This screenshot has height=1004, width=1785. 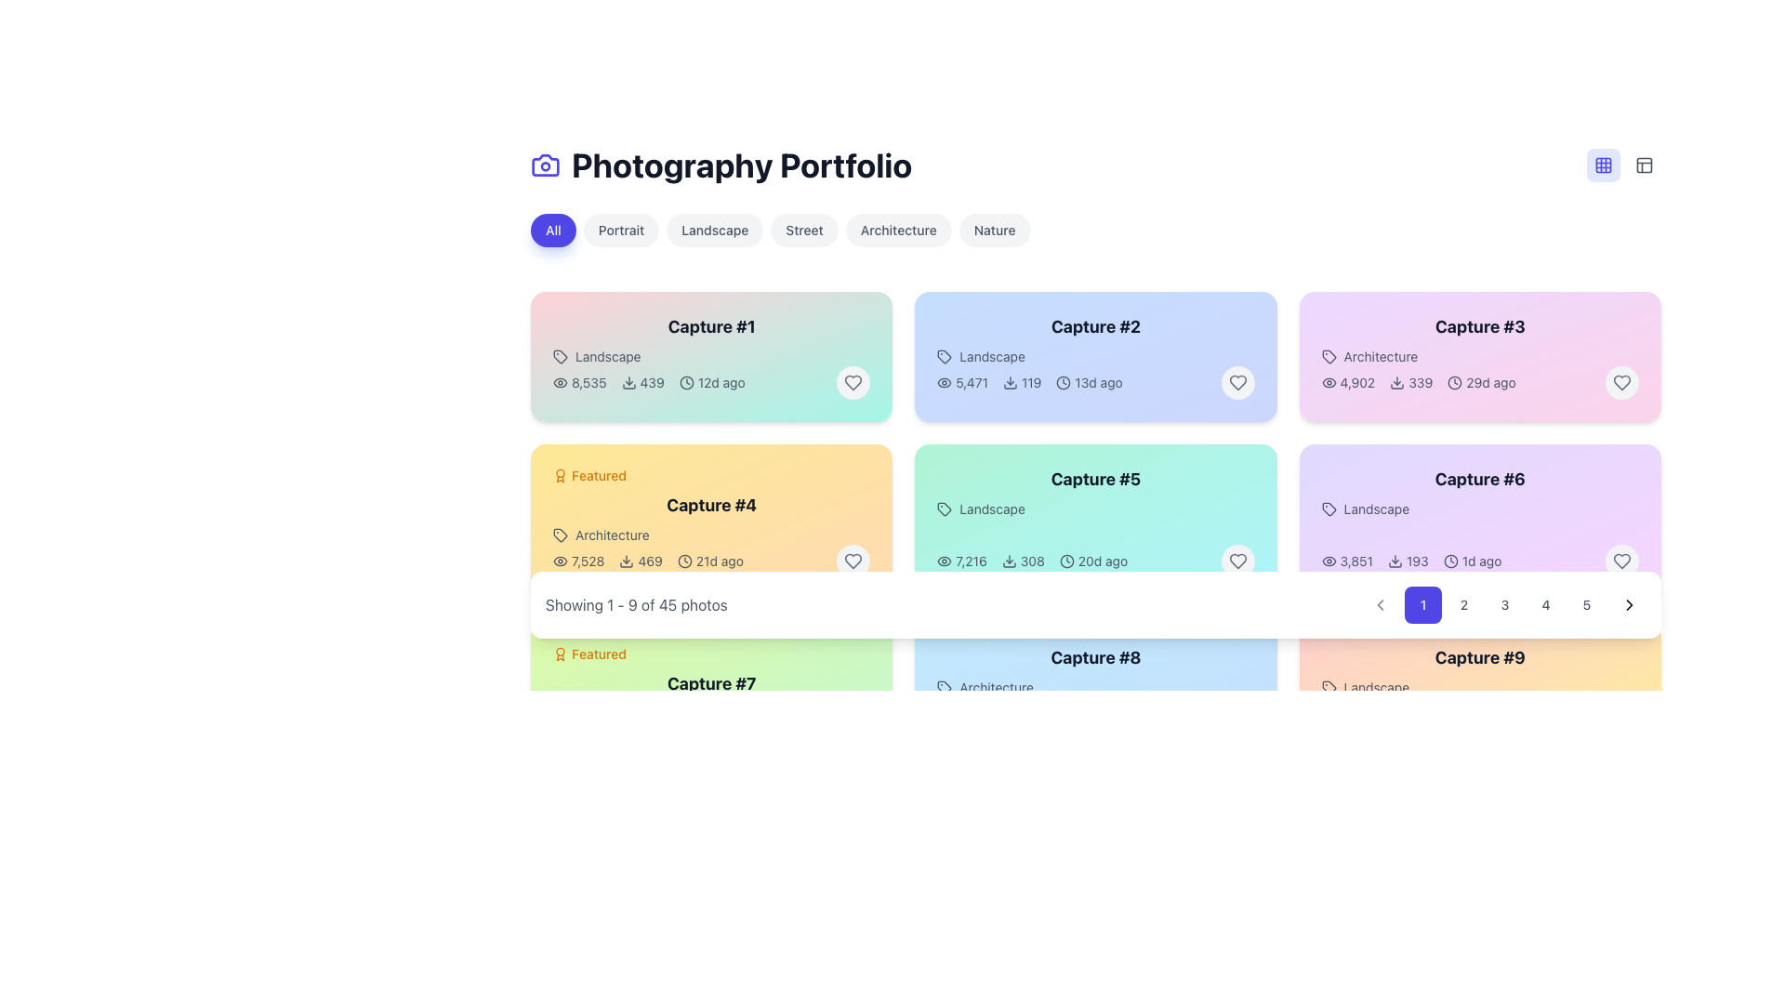 I want to click on displayed number of views represented by the Text with Icon element located in the top-left area of the first card in a grid layout, so click(x=578, y=382).